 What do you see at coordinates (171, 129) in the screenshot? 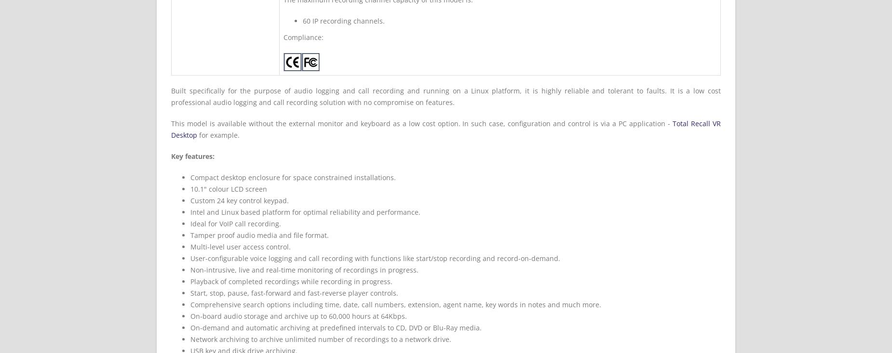
I see `'Total Recall VR Desktop'` at bounding box center [171, 129].